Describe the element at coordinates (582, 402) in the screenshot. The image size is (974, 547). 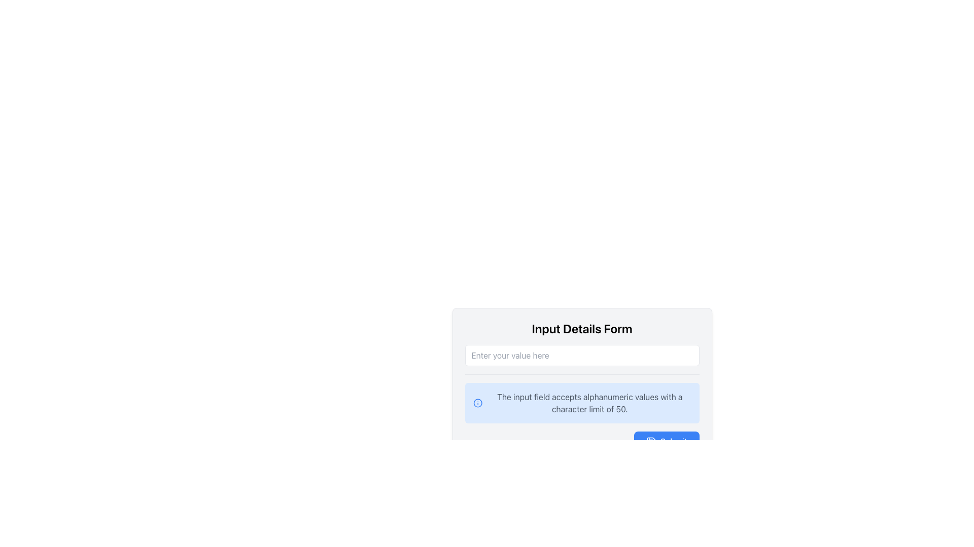
I see `text from the Informational Panel located below the text input field and above the 'Submit' button` at that location.